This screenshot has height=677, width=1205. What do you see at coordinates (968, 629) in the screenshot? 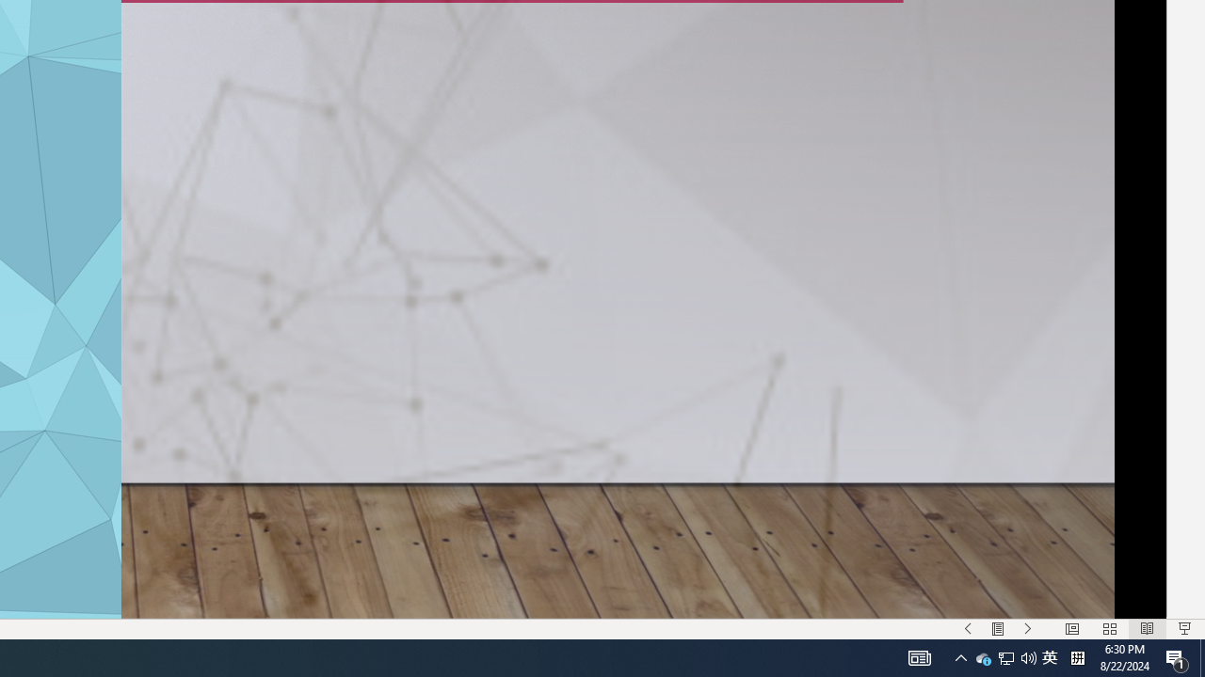
I see `'Slide Show Previous On'` at bounding box center [968, 629].